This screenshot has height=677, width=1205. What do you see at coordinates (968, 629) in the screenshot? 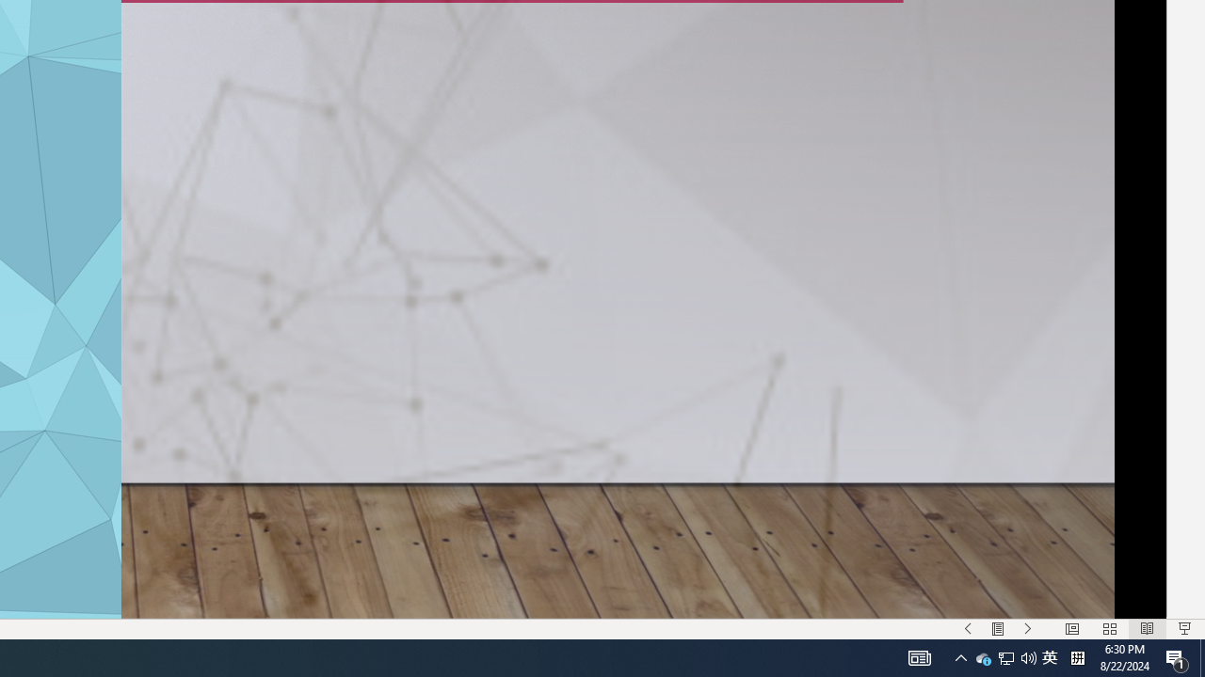
I see `'Slide Show Previous On'` at bounding box center [968, 629].